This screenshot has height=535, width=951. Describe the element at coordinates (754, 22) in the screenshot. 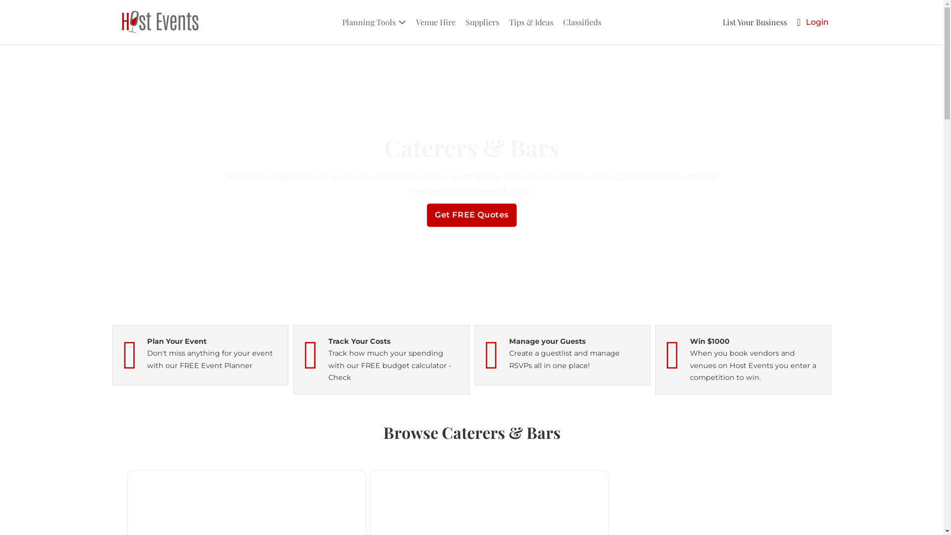

I see `'List Your Business'` at that location.